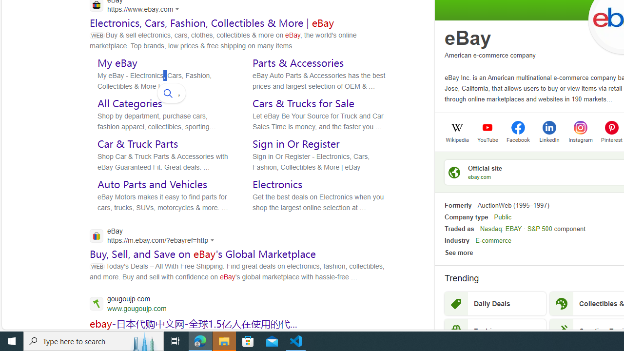 Image resolution: width=624 pixels, height=351 pixels. I want to click on 'Buy, Sell, and Save on eBay', so click(202, 253).